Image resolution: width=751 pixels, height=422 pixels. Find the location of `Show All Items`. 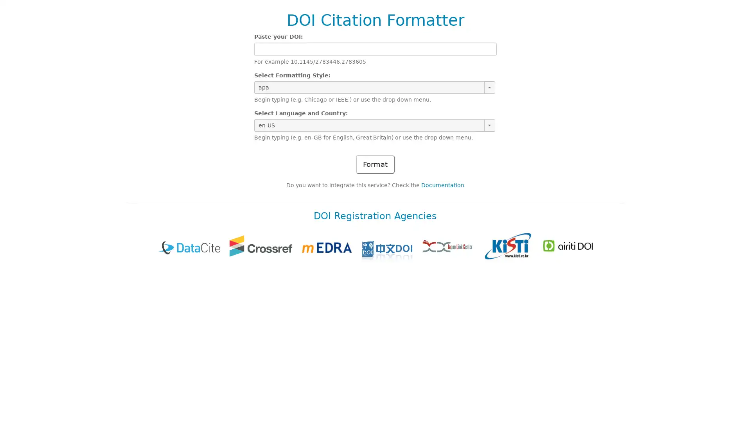

Show All Items is located at coordinates (489, 87).